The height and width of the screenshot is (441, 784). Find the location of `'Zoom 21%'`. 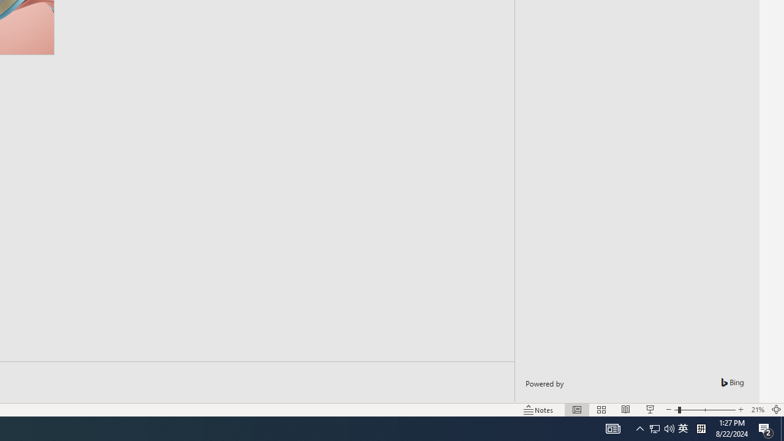

'Zoom 21%' is located at coordinates (757, 410).